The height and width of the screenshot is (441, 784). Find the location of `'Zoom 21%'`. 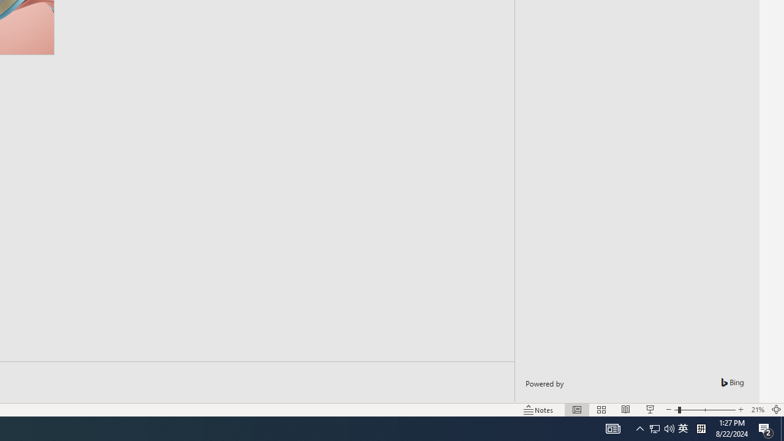

'Zoom 21%' is located at coordinates (757, 410).